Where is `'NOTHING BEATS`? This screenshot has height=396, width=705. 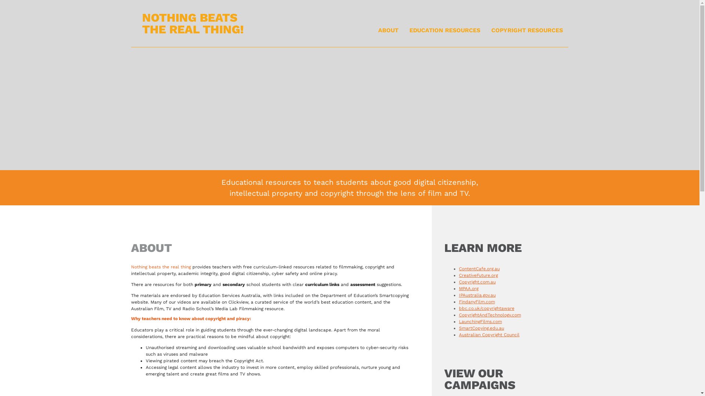
'NOTHING BEATS is located at coordinates (193, 23).